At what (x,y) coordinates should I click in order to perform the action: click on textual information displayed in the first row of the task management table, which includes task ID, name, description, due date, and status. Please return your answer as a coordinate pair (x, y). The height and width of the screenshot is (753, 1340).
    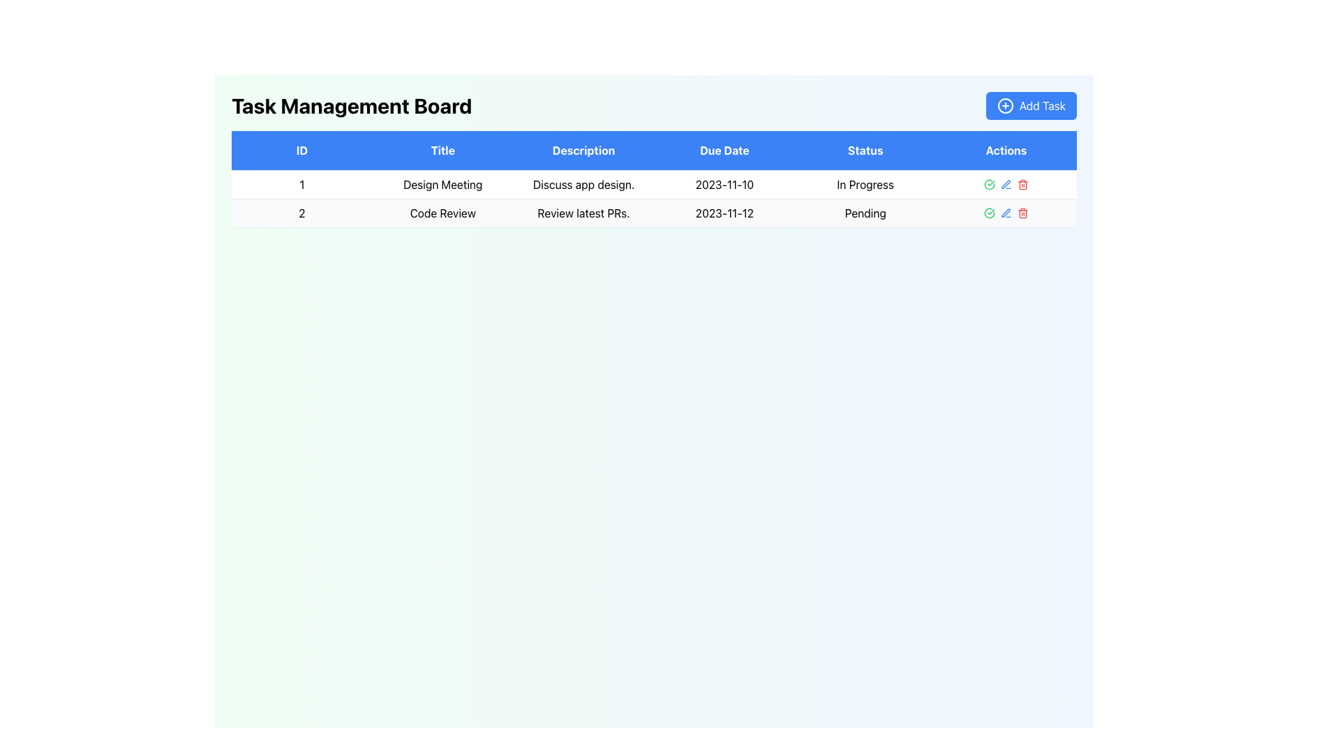
    Looking at the image, I should click on (653, 184).